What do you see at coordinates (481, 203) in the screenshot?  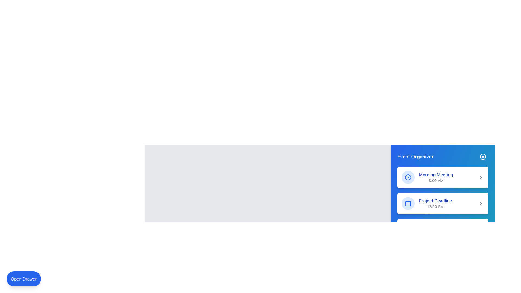 I see `the rightward-pointing chevron icon located on the far-right side of the 'Project Deadline' section in the 'Event Organizer' widget` at bounding box center [481, 203].